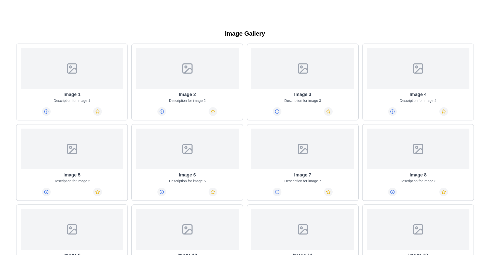 The image size is (489, 275). I want to click on the title text of the second image card in the grid layout, so click(187, 94).